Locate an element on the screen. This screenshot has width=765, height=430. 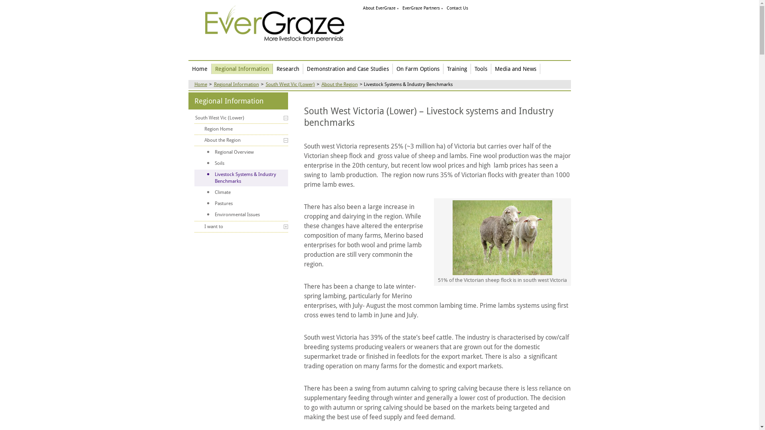
'About the Region' is located at coordinates (339, 84).